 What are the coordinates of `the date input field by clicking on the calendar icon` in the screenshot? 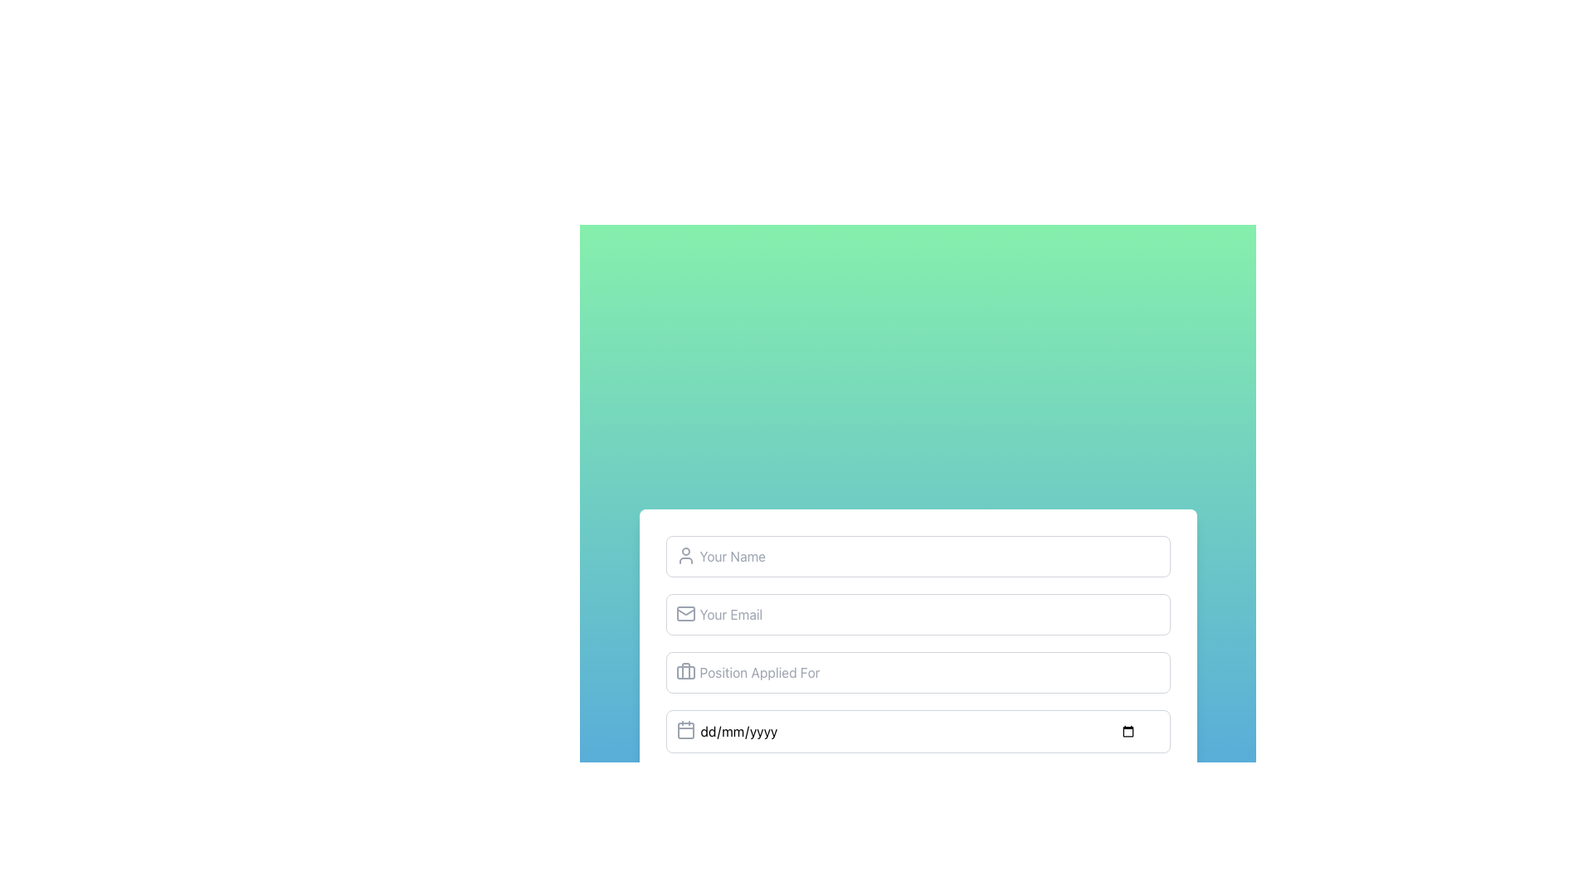 It's located at (685, 729).